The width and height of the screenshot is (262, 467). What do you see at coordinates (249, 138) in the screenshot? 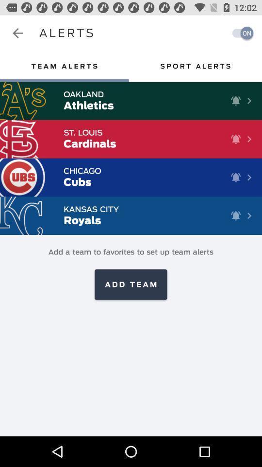
I see `second right arrow in web page` at bounding box center [249, 138].